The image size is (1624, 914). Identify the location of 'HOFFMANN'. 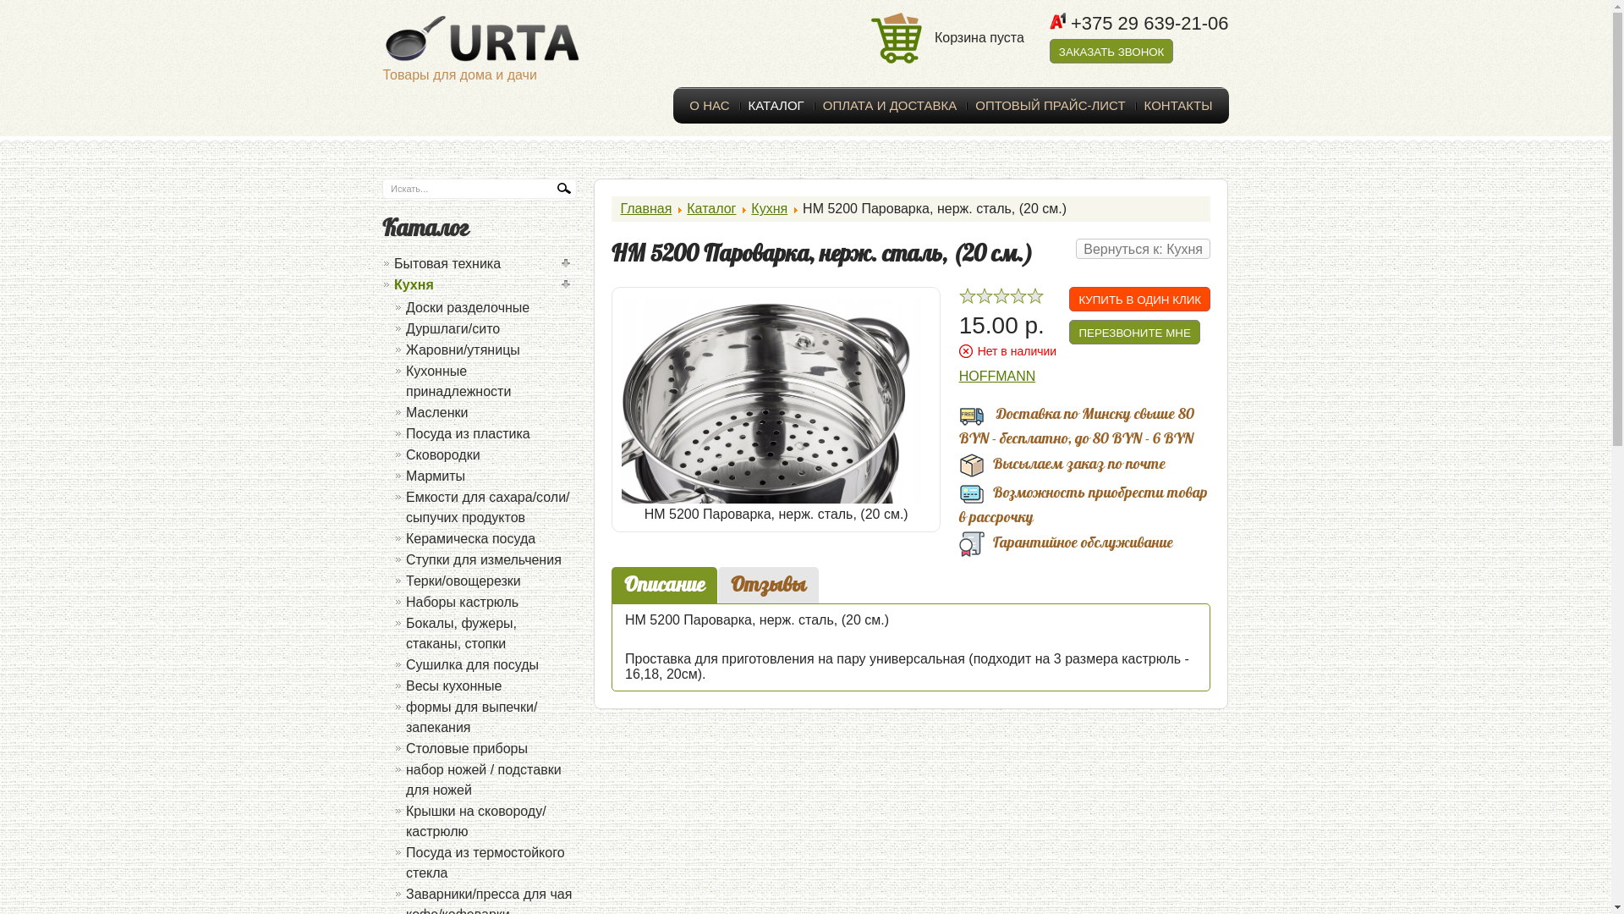
(997, 375).